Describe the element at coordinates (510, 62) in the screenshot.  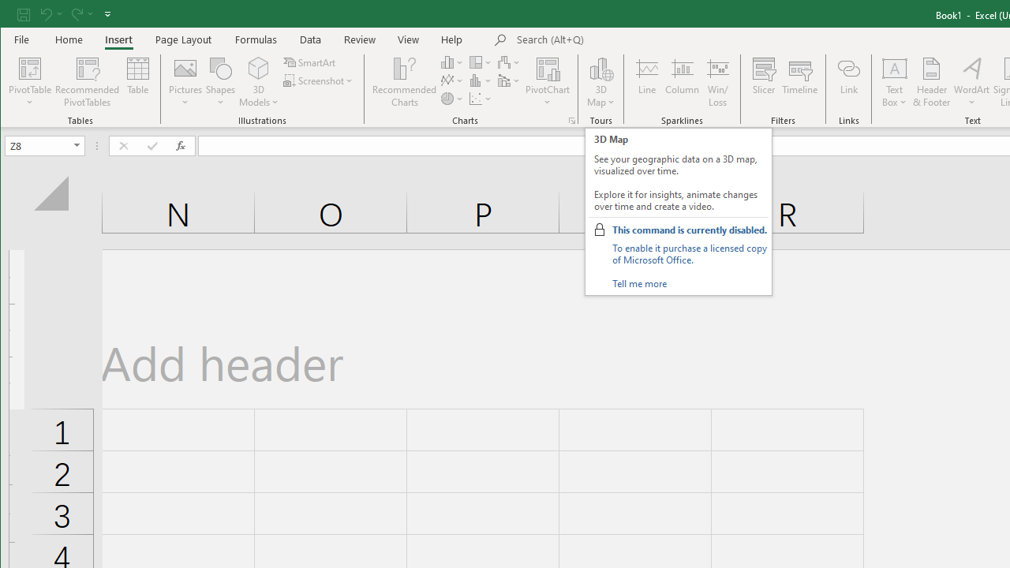
I see `'Insert Waterfall, Funnel, Stock, Surface, or Radar Chart'` at that location.